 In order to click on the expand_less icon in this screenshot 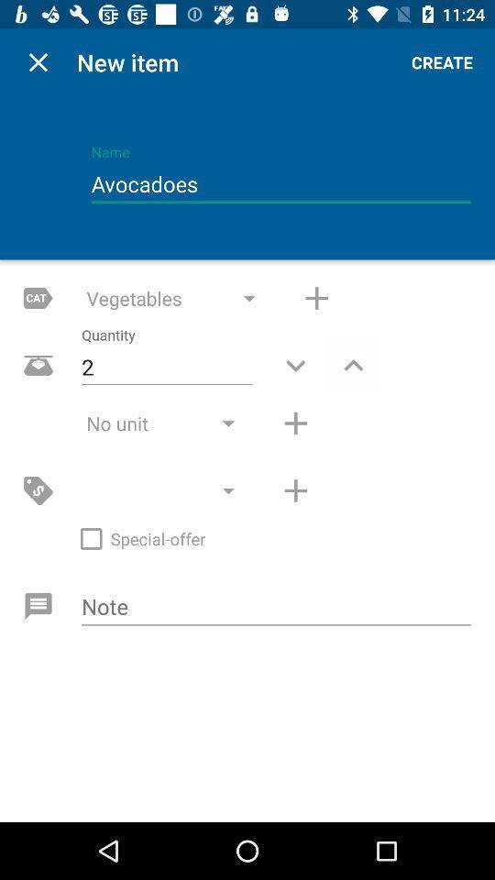, I will do `click(353, 364)`.